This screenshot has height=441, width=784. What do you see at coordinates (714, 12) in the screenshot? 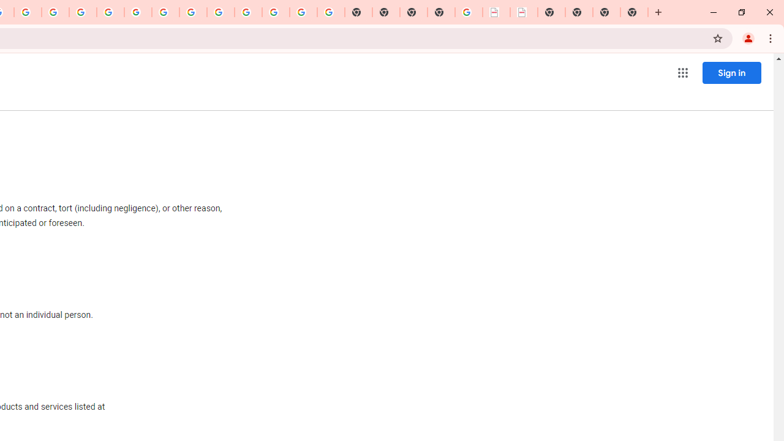
I see `'Minimize'` at bounding box center [714, 12].